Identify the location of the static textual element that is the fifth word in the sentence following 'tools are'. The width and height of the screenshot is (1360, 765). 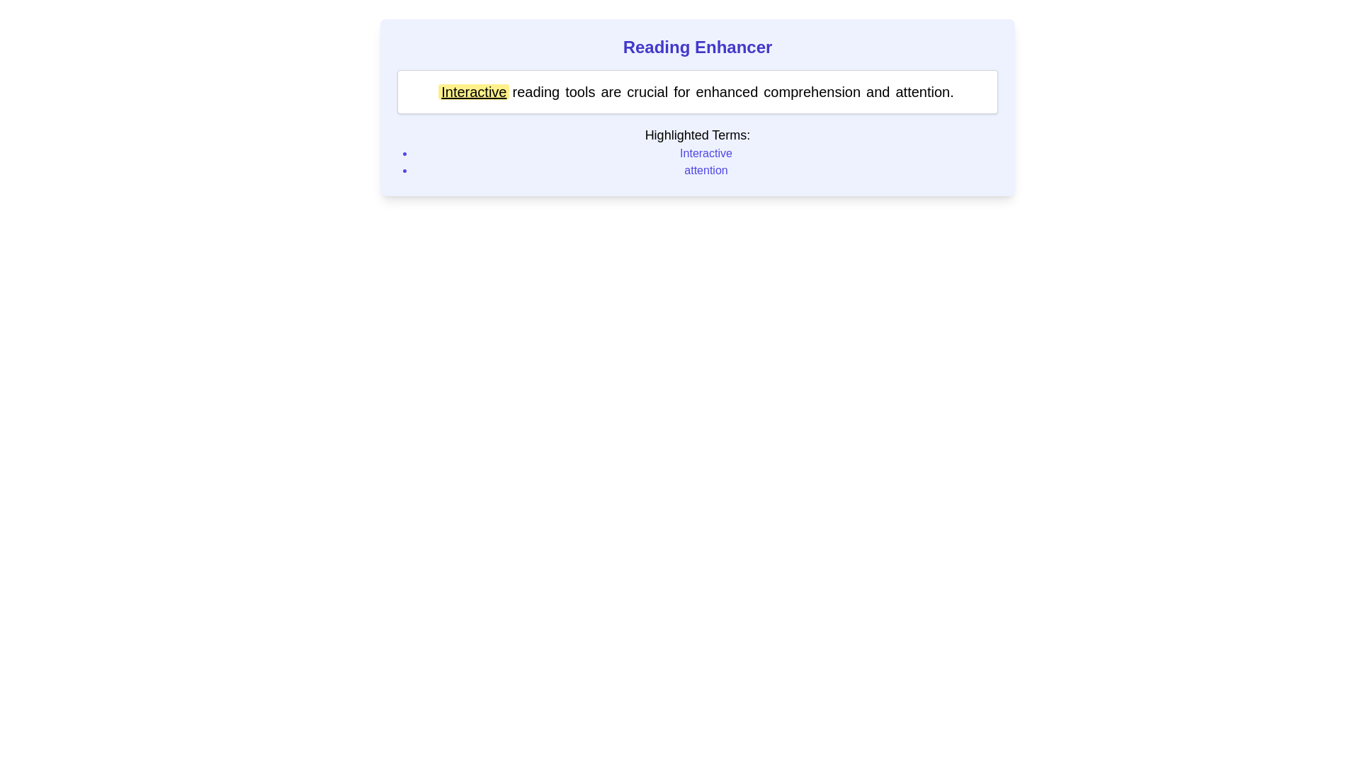
(647, 92).